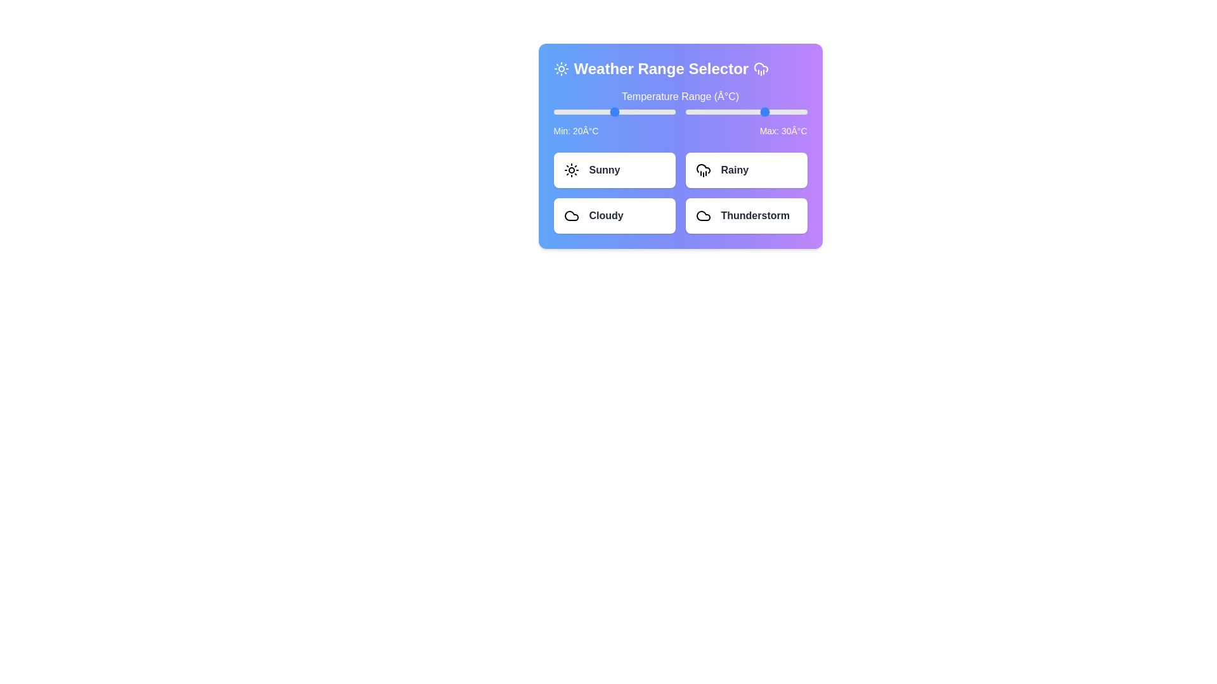 The height and width of the screenshot is (684, 1217). What do you see at coordinates (668, 111) in the screenshot?
I see `the minimum temperature range slider to 47°C` at bounding box center [668, 111].